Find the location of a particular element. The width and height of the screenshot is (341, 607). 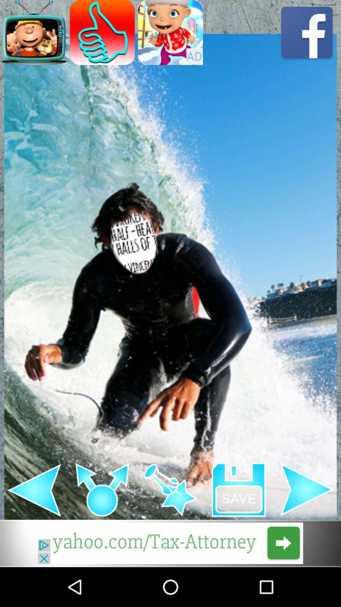

the play icon is located at coordinates (307, 524).